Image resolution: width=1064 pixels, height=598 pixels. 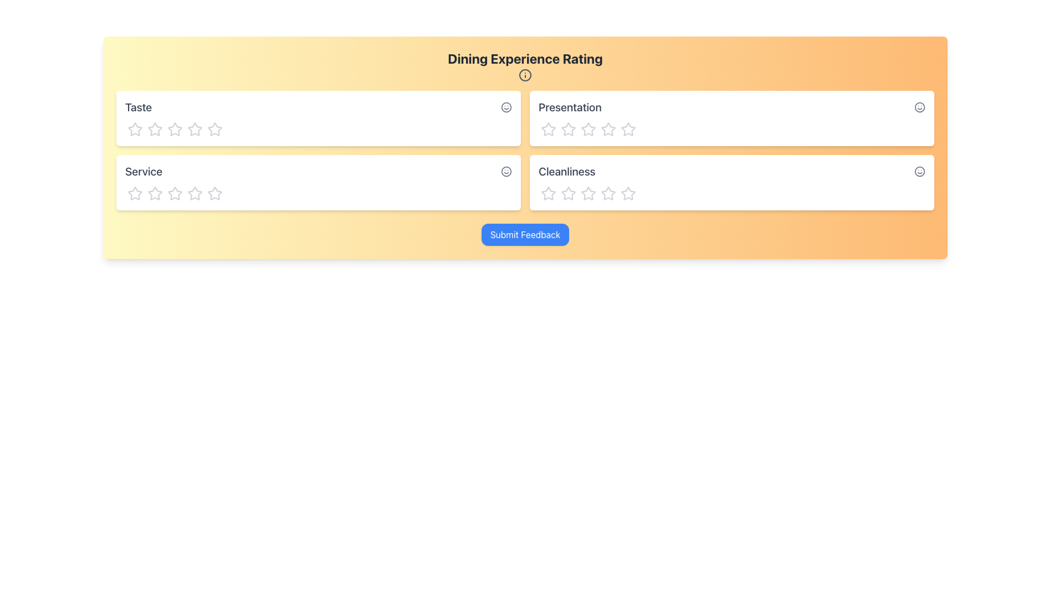 I want to click on the fifth star icon with a light gray outline under the 'Presentation' rating category in the feedback form to rate it, so click(x=608, y=128).